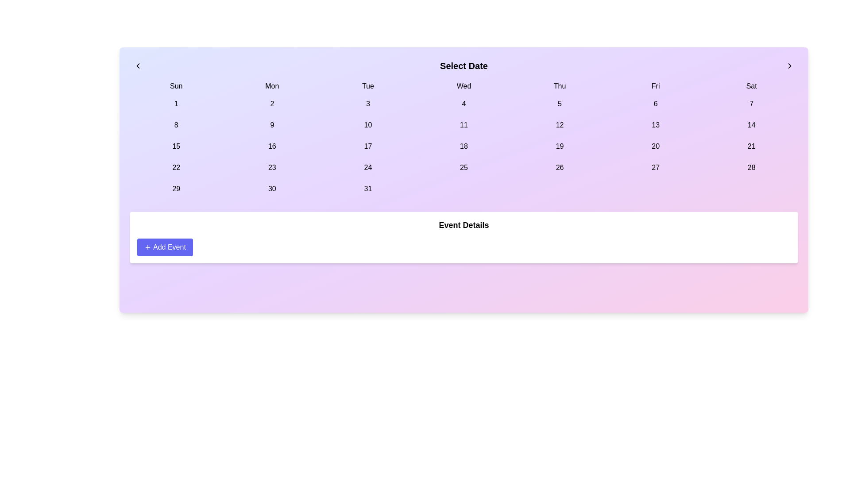  What do you see at coordinates (751, 125) in the screenshot?
I see `the date selector button for the 14th day in the calendar grid located in the 'Sat' column, second row from the top` at bounding box center [751, 125].